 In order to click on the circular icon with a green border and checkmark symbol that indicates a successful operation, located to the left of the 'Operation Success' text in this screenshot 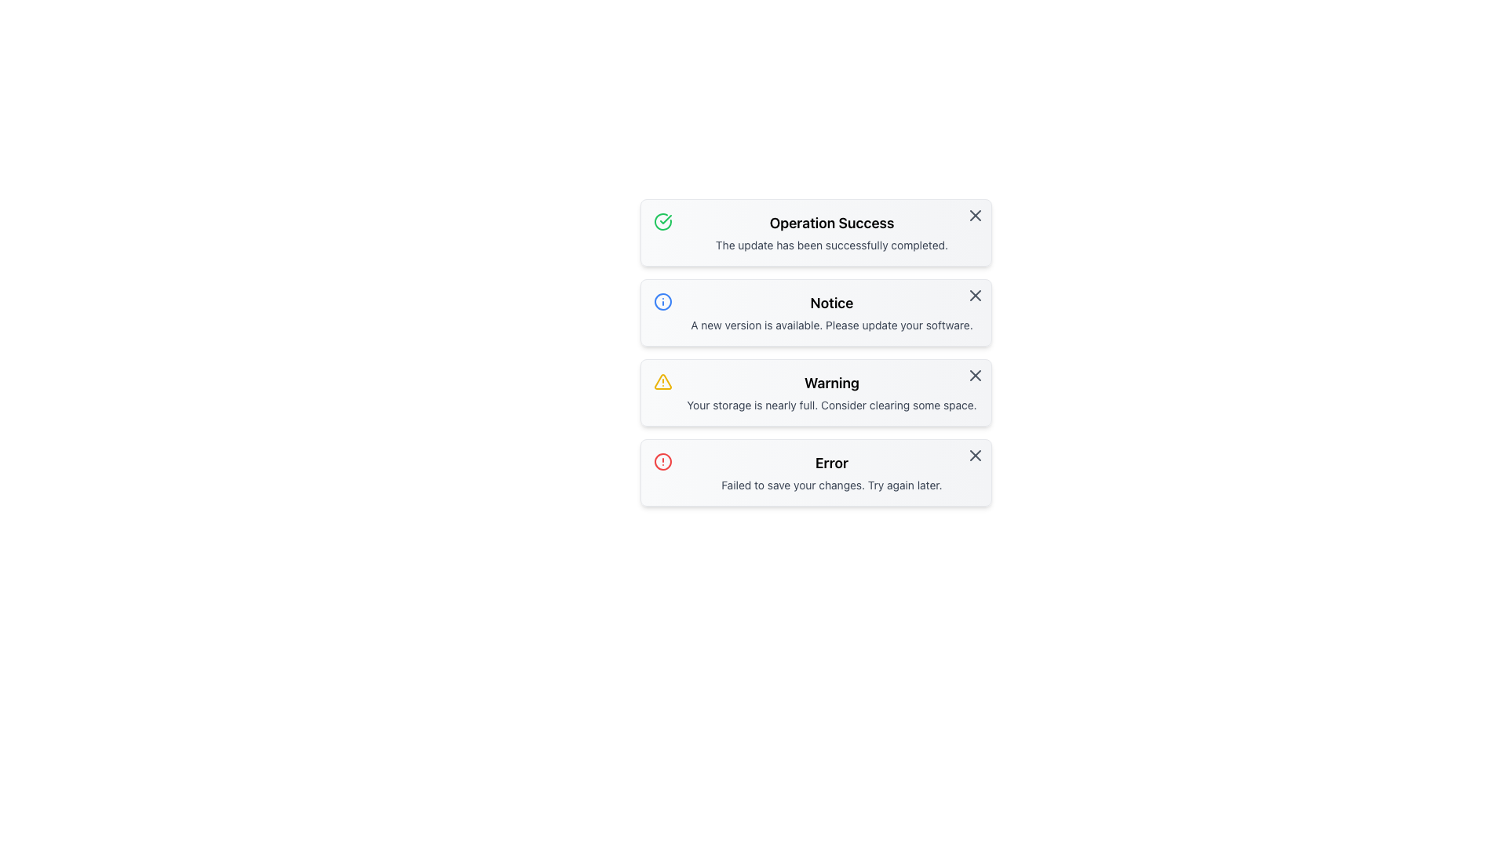, I will do `click(662, 221)`.